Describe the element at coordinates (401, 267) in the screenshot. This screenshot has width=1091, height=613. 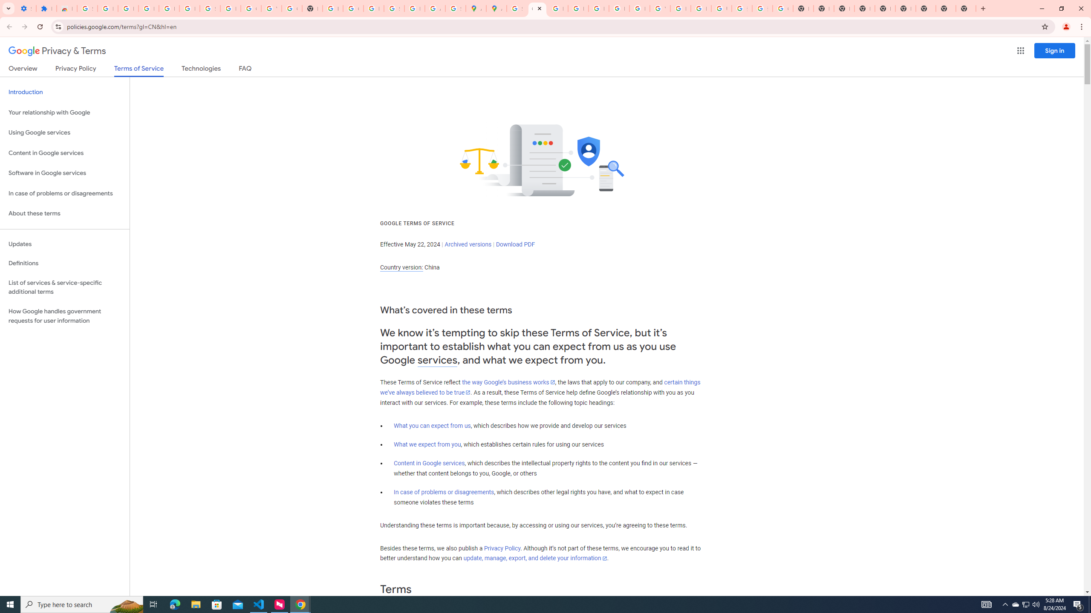
I see `'Country version:'` at that location.